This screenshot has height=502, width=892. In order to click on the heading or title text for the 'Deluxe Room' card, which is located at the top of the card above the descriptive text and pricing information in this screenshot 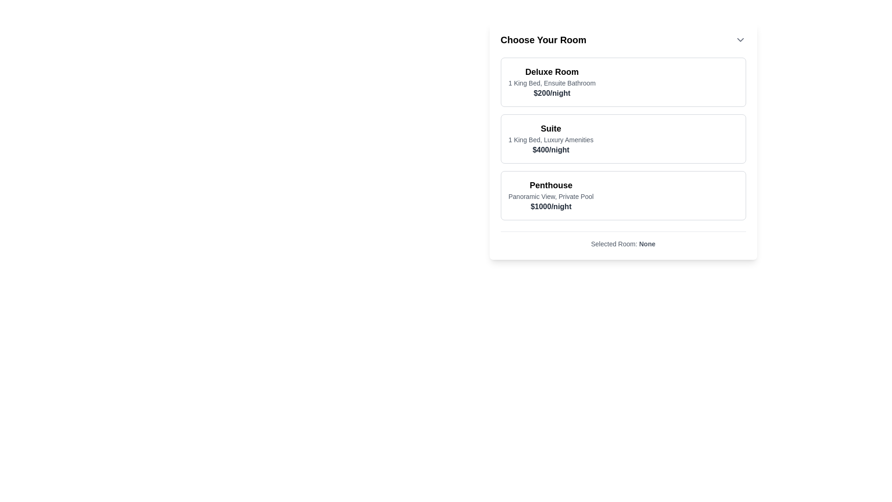, I will do `click(552, 71)`.